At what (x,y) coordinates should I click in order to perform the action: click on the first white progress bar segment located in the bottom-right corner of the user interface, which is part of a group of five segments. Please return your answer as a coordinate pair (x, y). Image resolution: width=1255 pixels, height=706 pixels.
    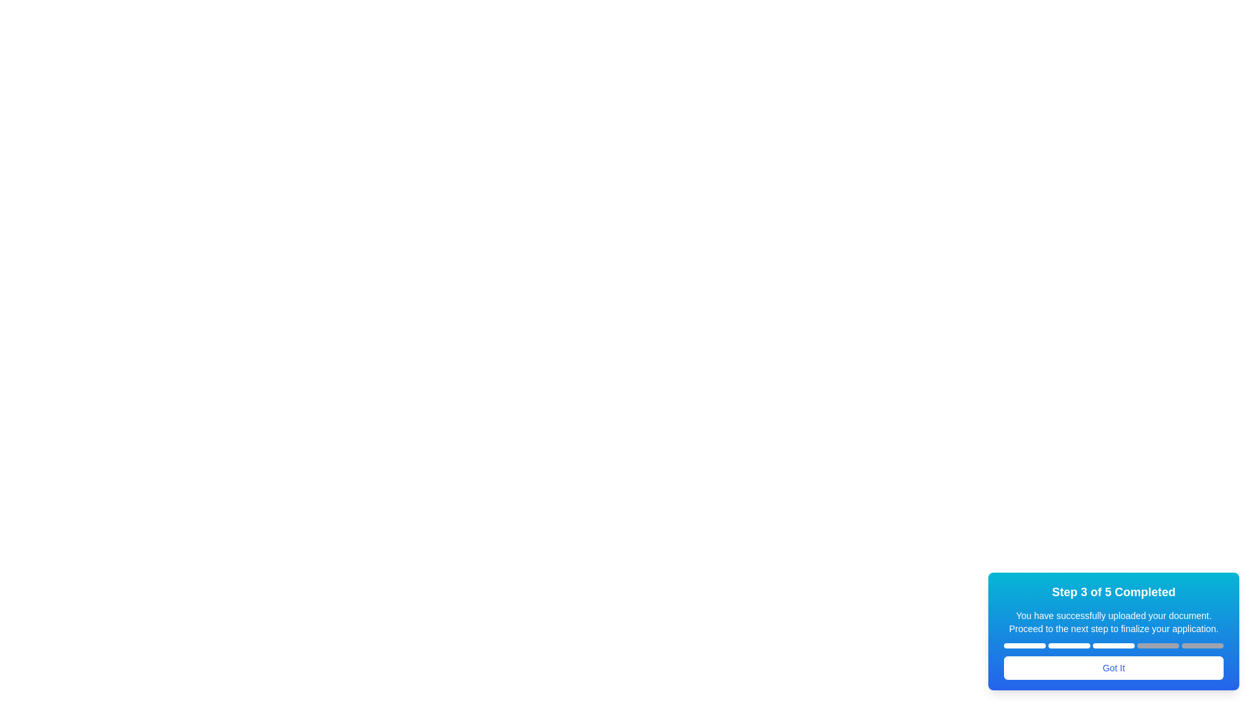
    Looking at the image, I should click on (1024, 645).